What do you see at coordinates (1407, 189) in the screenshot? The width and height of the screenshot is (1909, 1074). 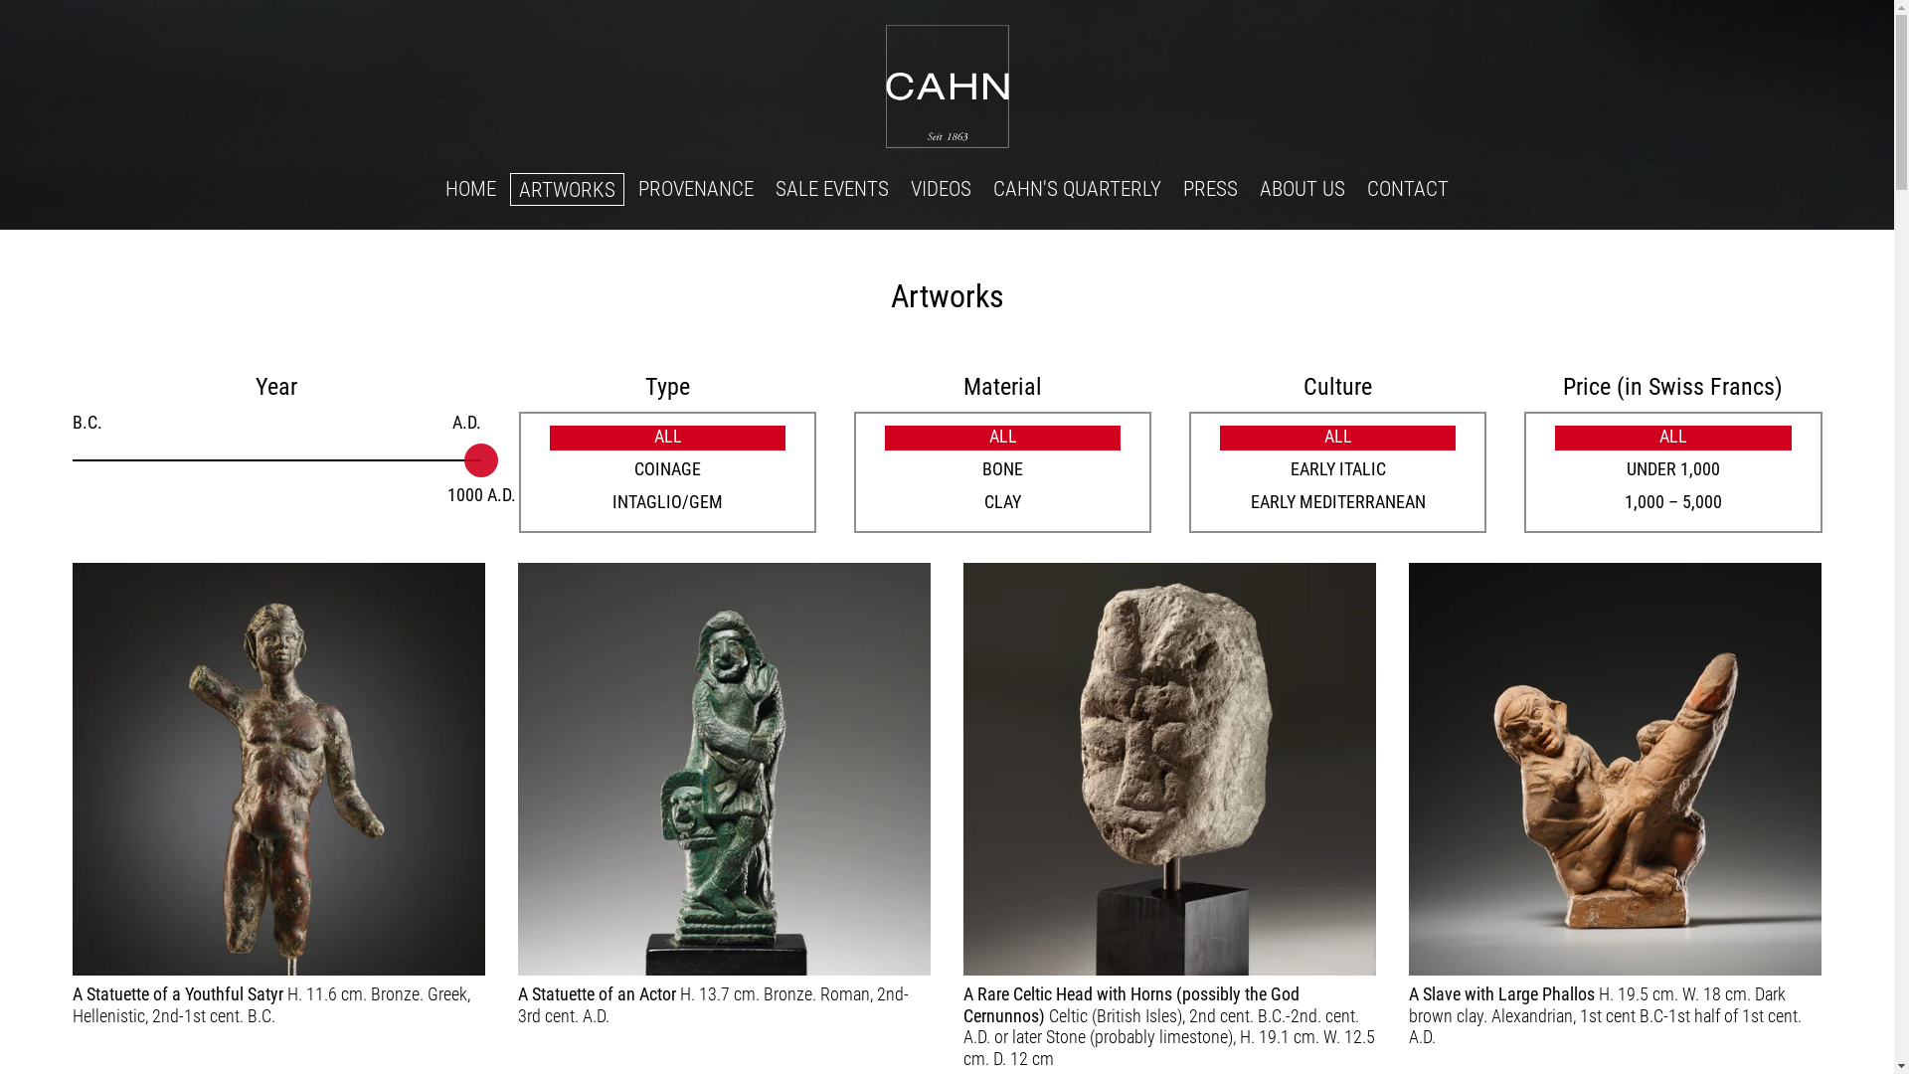 I see `'CONTACT'` at bounding box center [1407, 189].